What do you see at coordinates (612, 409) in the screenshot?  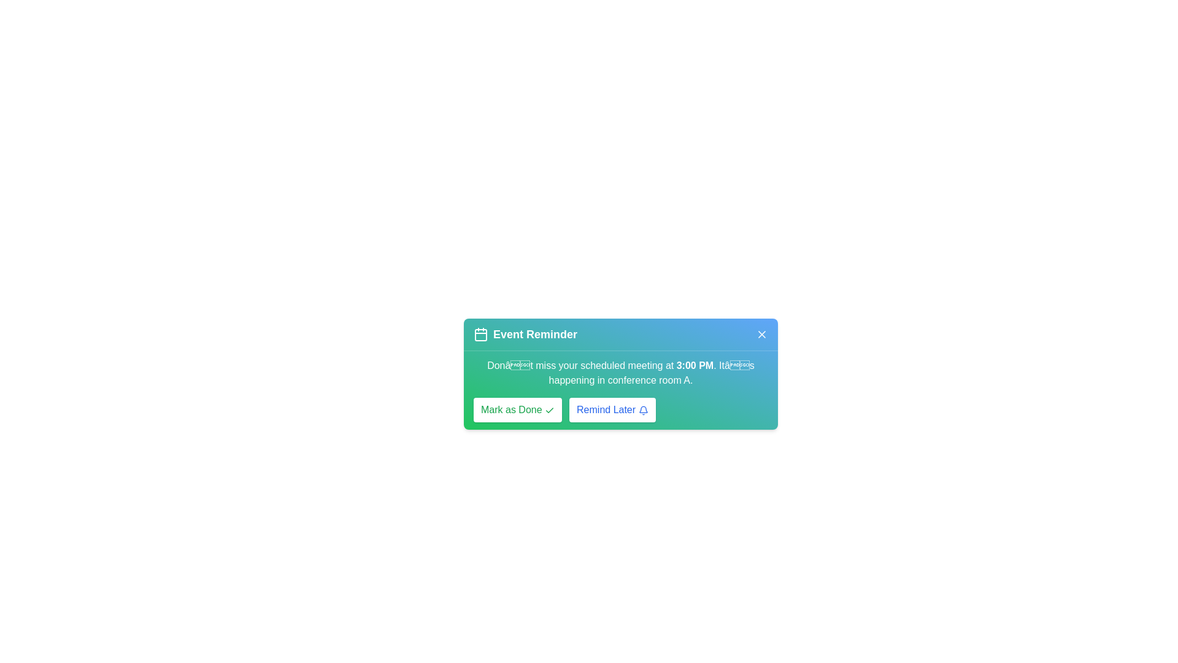 I see `'Remind Later' button to reschedule the reminder` at bounding box center [612, 409].